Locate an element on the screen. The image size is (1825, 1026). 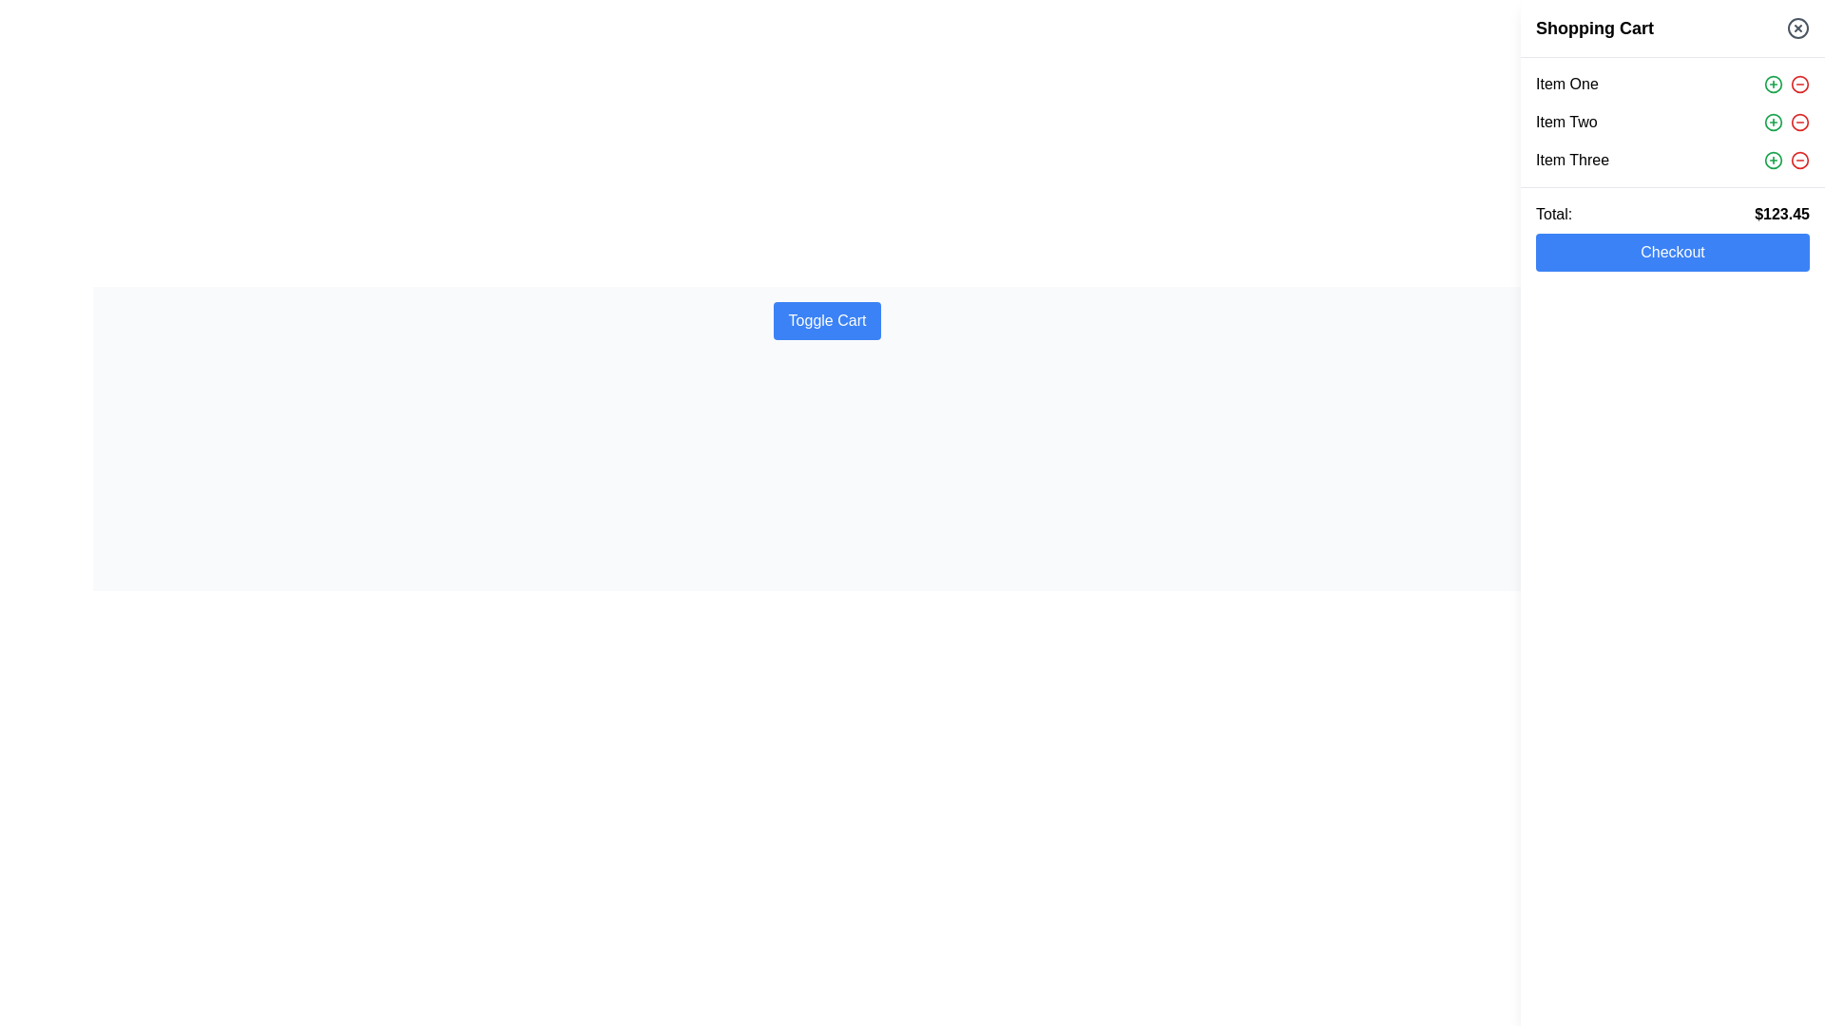
the central circle element of the cross-mark icon located at the top-right corner of the shopping cart interface is located at coordinates (1796, 28).